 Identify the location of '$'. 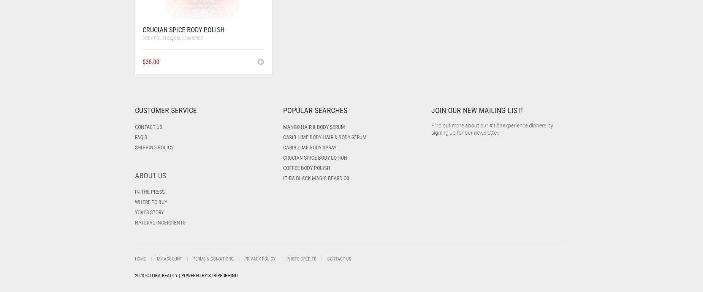
(144, 61).